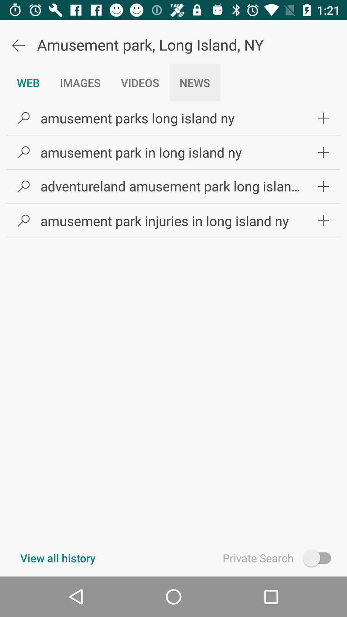  I want to click on item to the right of adventureland amusement park item, so click(323, 186).